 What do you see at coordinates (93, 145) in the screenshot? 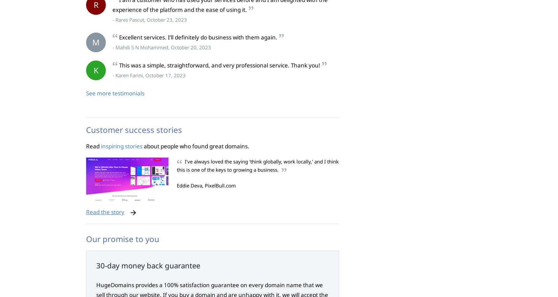
I see `'Read'` at bounding box center [93, 145].